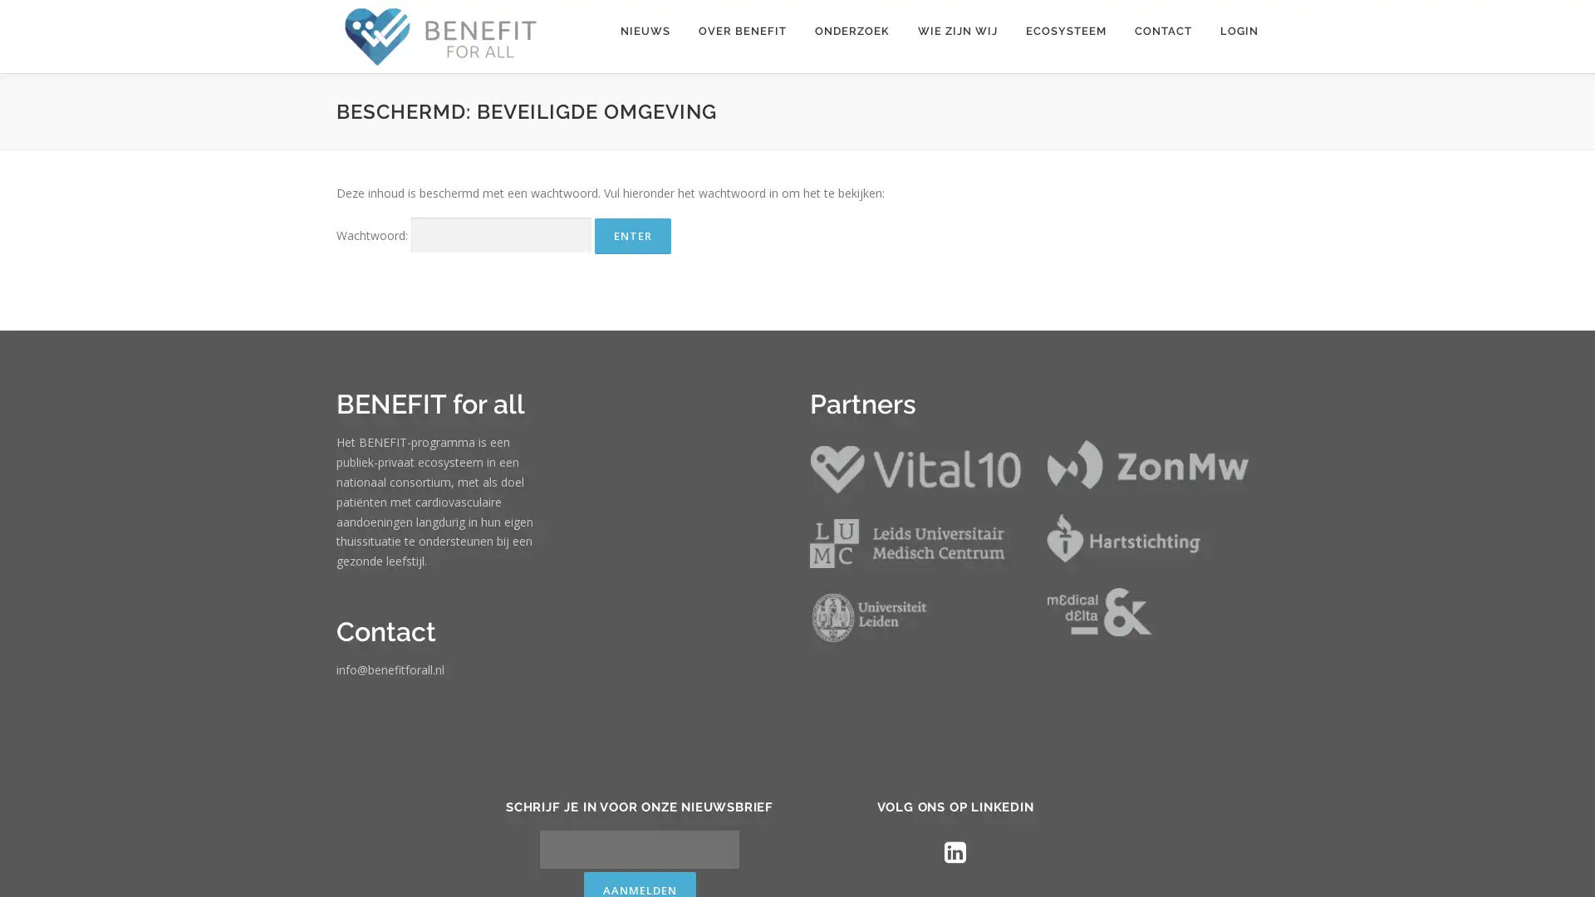 The image size is (1595, 897). I want to click on Enter, so click(632, 235).